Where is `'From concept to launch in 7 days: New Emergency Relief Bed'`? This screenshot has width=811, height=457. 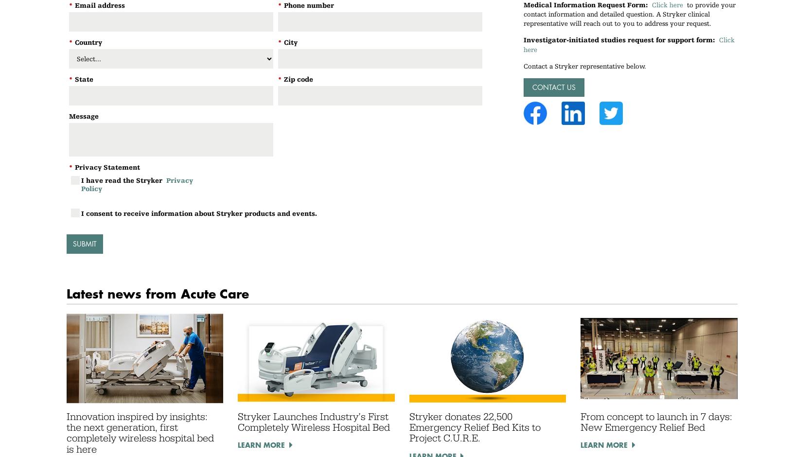
'From concept to launch in 7 days: New Emergency Relief Bed' is located at coordinates (656, 422).